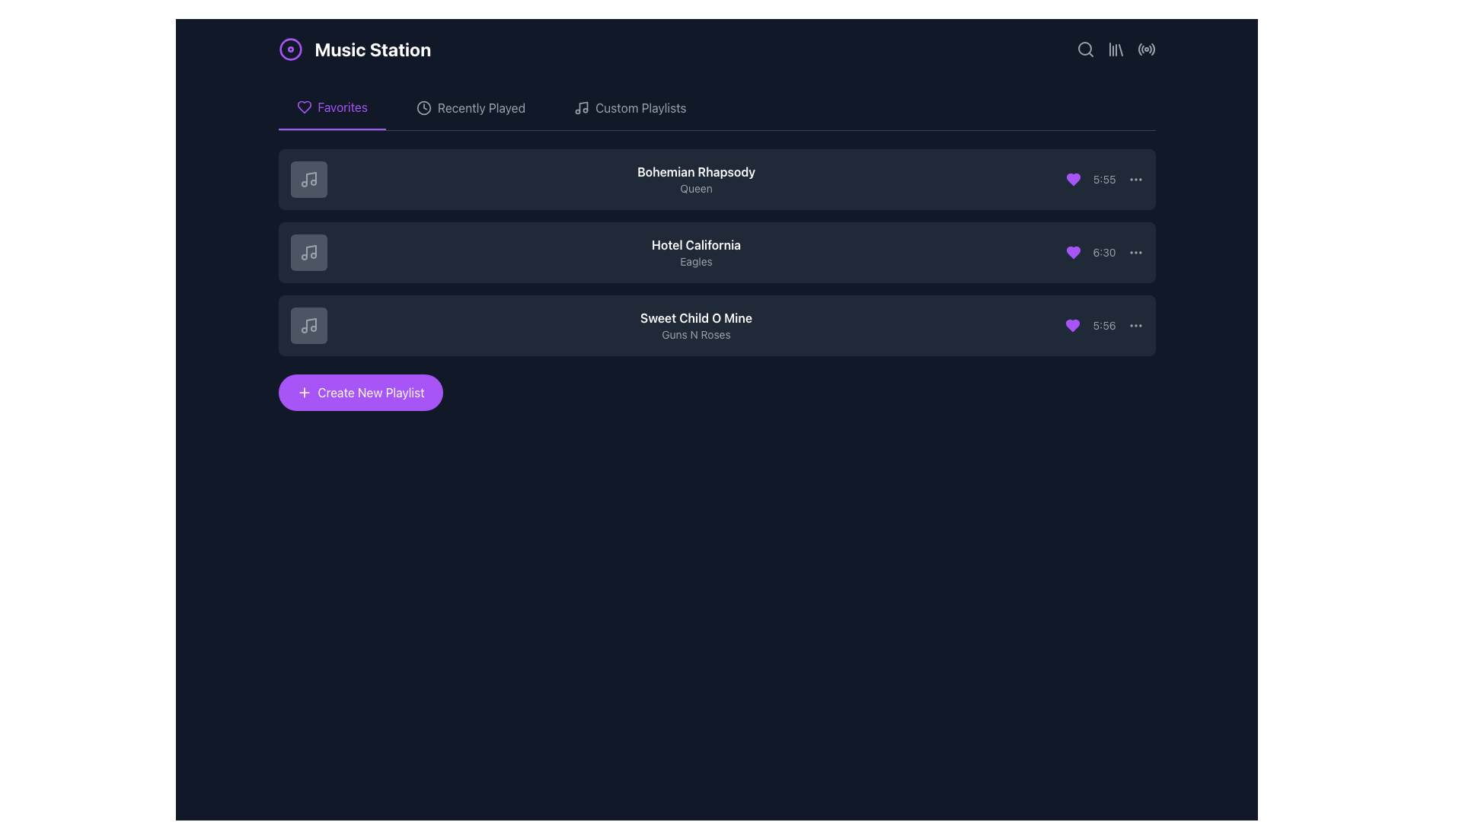 This screenshot has height=822, width=1462. Describe the element at coordinates (308, 325) in the screenshot. I see `the decorative music icon located in the third list item of the vertical list, positioned to the left of the title and subtitle text, and above the playback duration and menu options` at that location.